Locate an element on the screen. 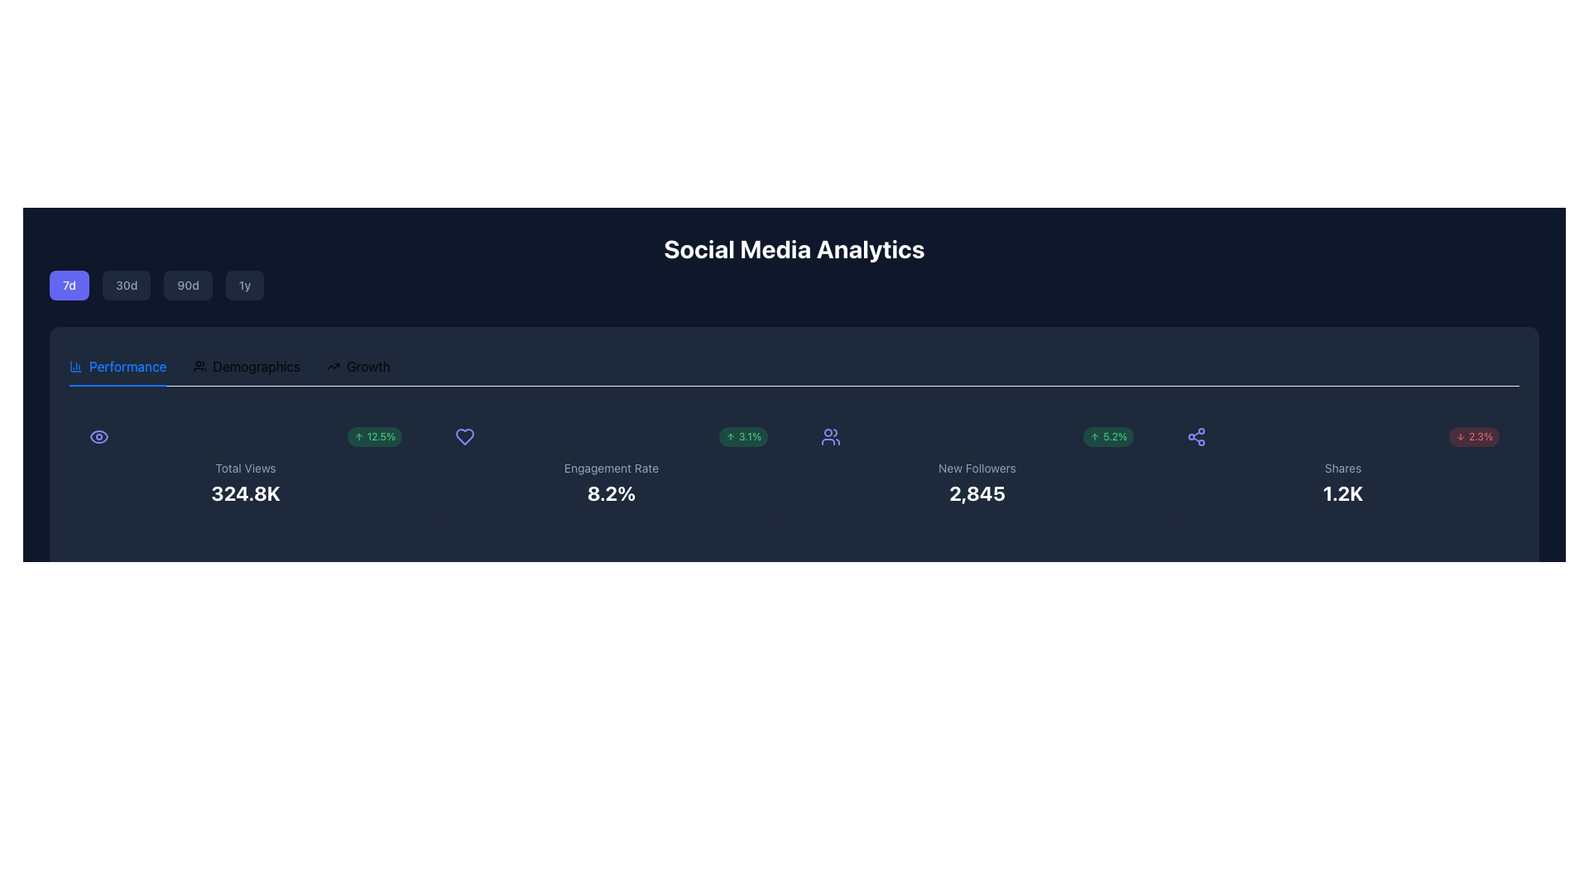 Image resolution: width=1589 pixels, height=894 pixels. the static label that denotes 'Total Views', which is positioned below an icon and percentage indicator, and above the statistic value '324.8K' is located at coordinates (245, 469).